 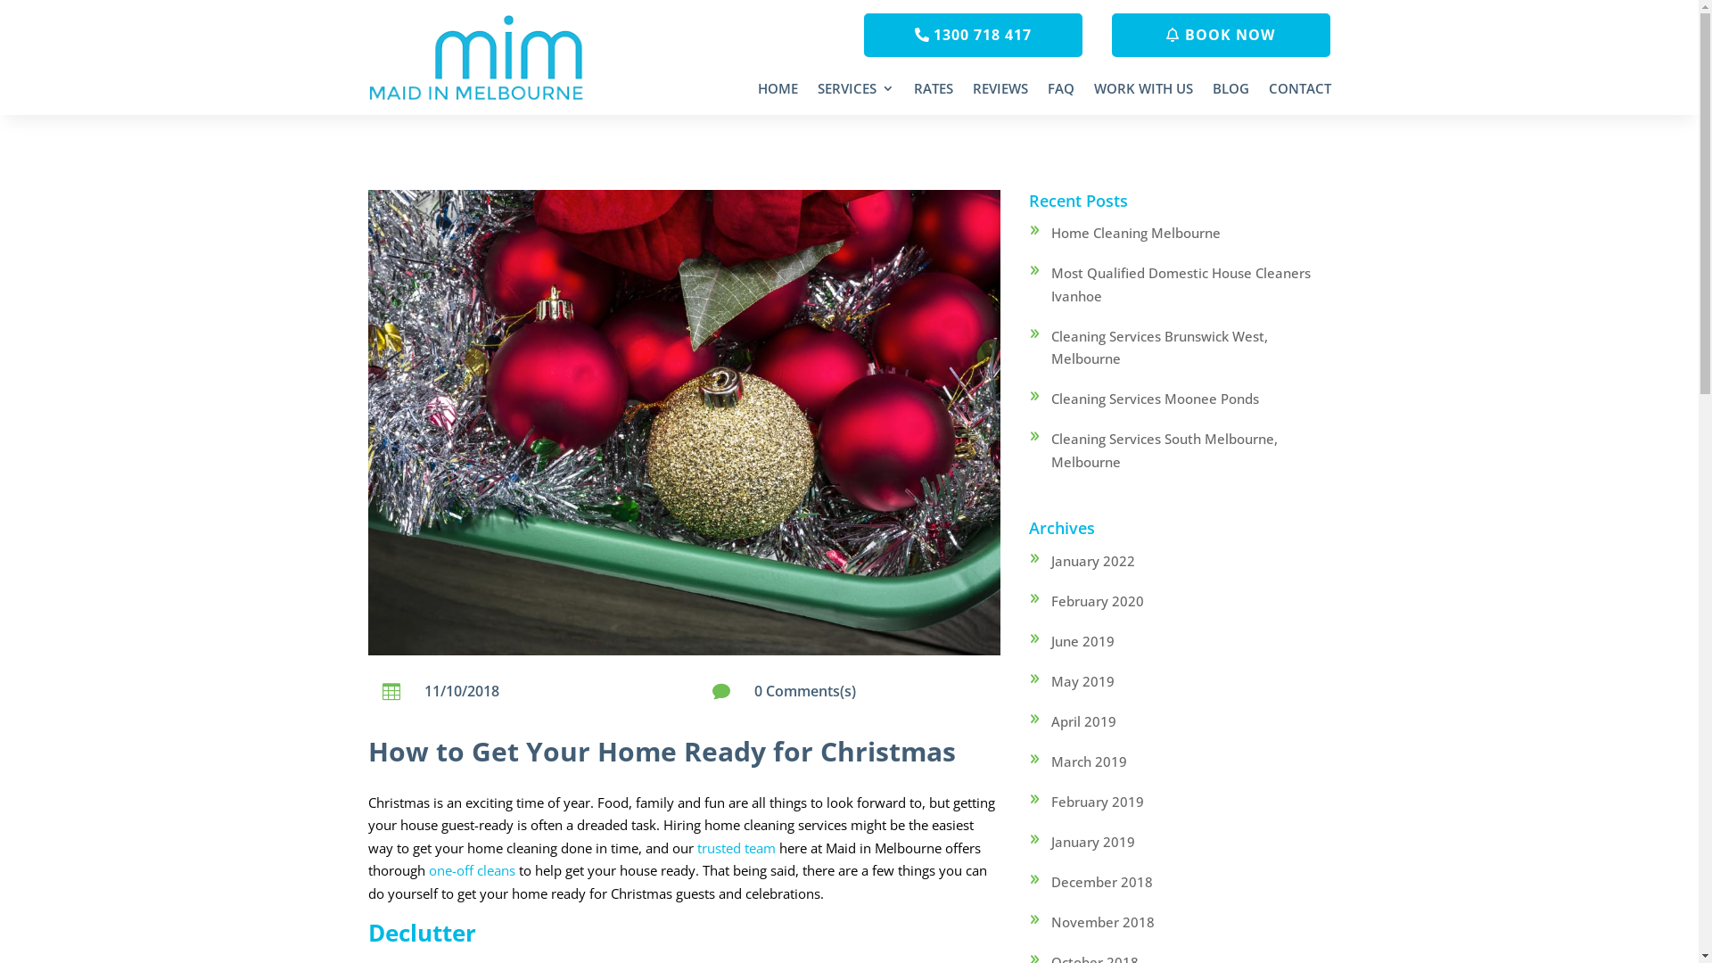 I want to click on 'HOME', so click(x=778, y=92).